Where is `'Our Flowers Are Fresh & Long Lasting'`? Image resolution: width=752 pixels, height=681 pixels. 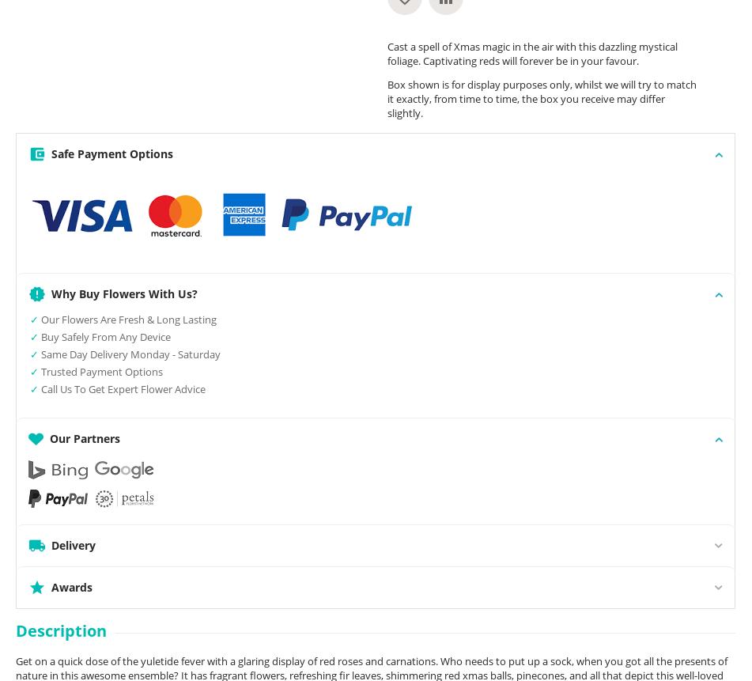 'Our Flowers Are Fresh & Long Lasting' is located at coordinates (129, 319).